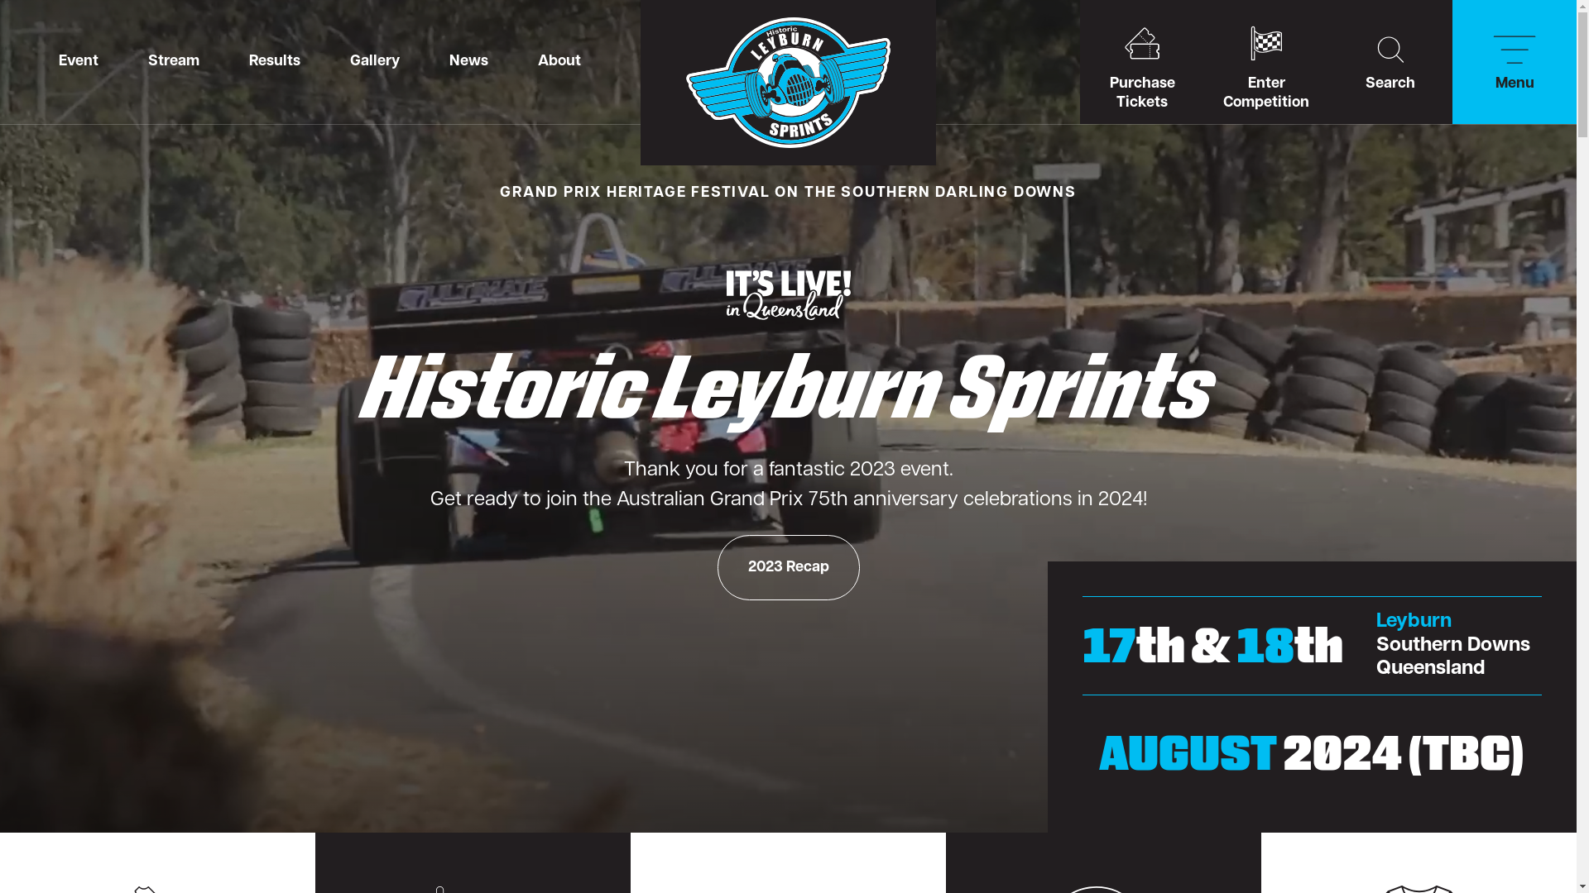  What do you see at coordinates (559, 60) in the screenshot?
I see `'About'` at bounding box center [559, 60].